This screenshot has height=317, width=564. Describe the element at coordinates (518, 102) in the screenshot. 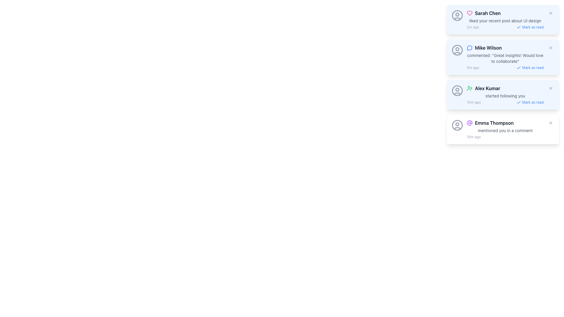

I see `the 'Mark as read' icon for the notification from 'Alex Kumar' to update its state to read` at that location.